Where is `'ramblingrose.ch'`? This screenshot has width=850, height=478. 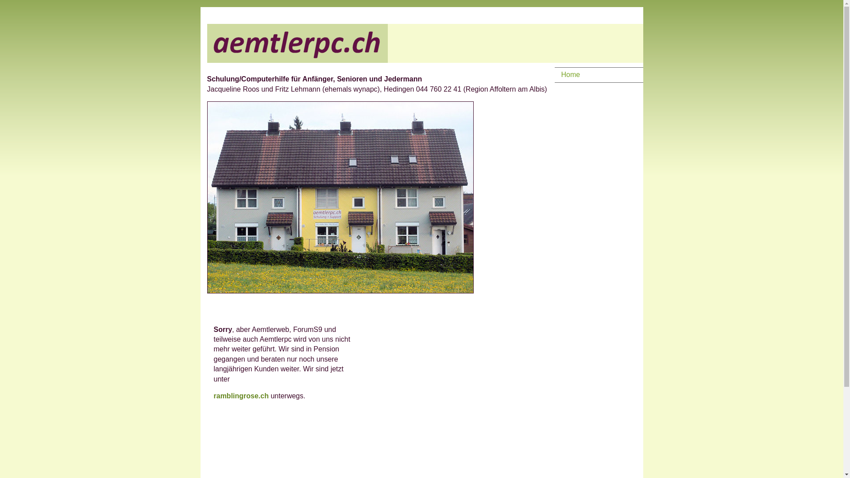 'ramblingrose.ch' is located at coordinates (242, 395).